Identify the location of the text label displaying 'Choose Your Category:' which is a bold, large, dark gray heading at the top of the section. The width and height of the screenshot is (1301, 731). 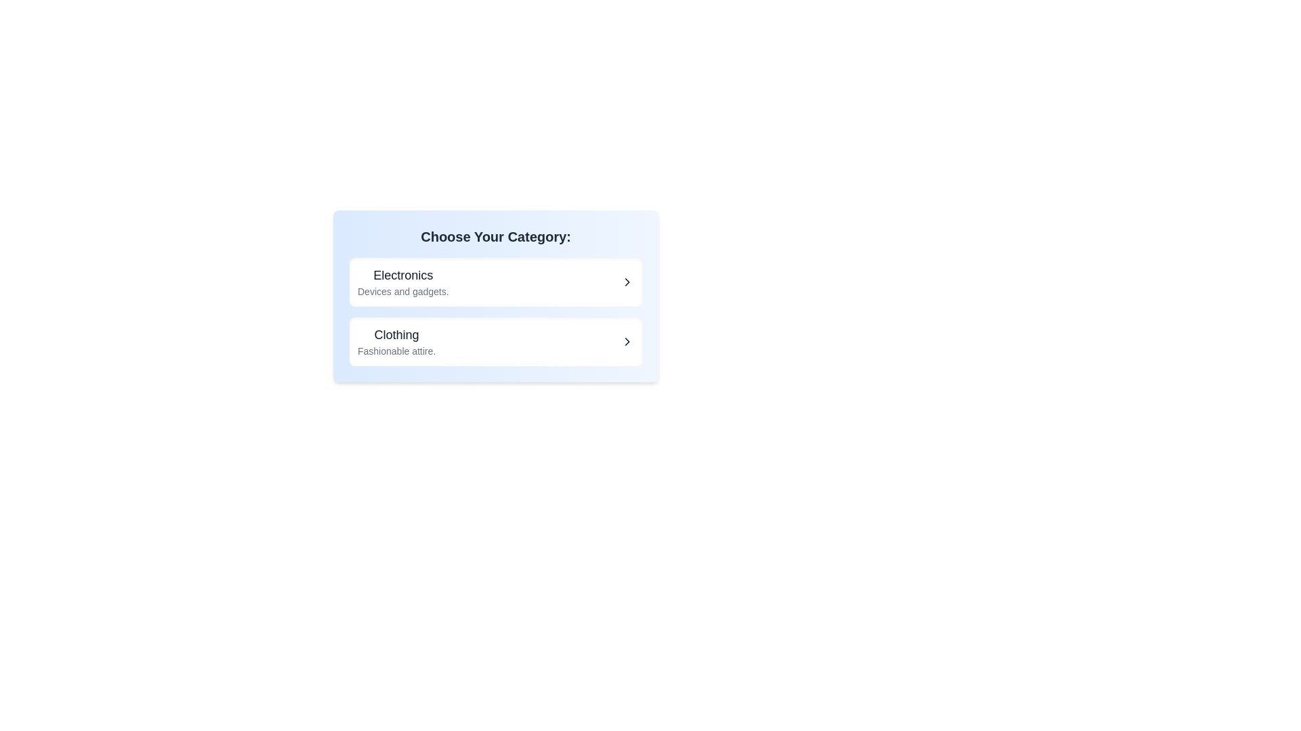
(495, 236).